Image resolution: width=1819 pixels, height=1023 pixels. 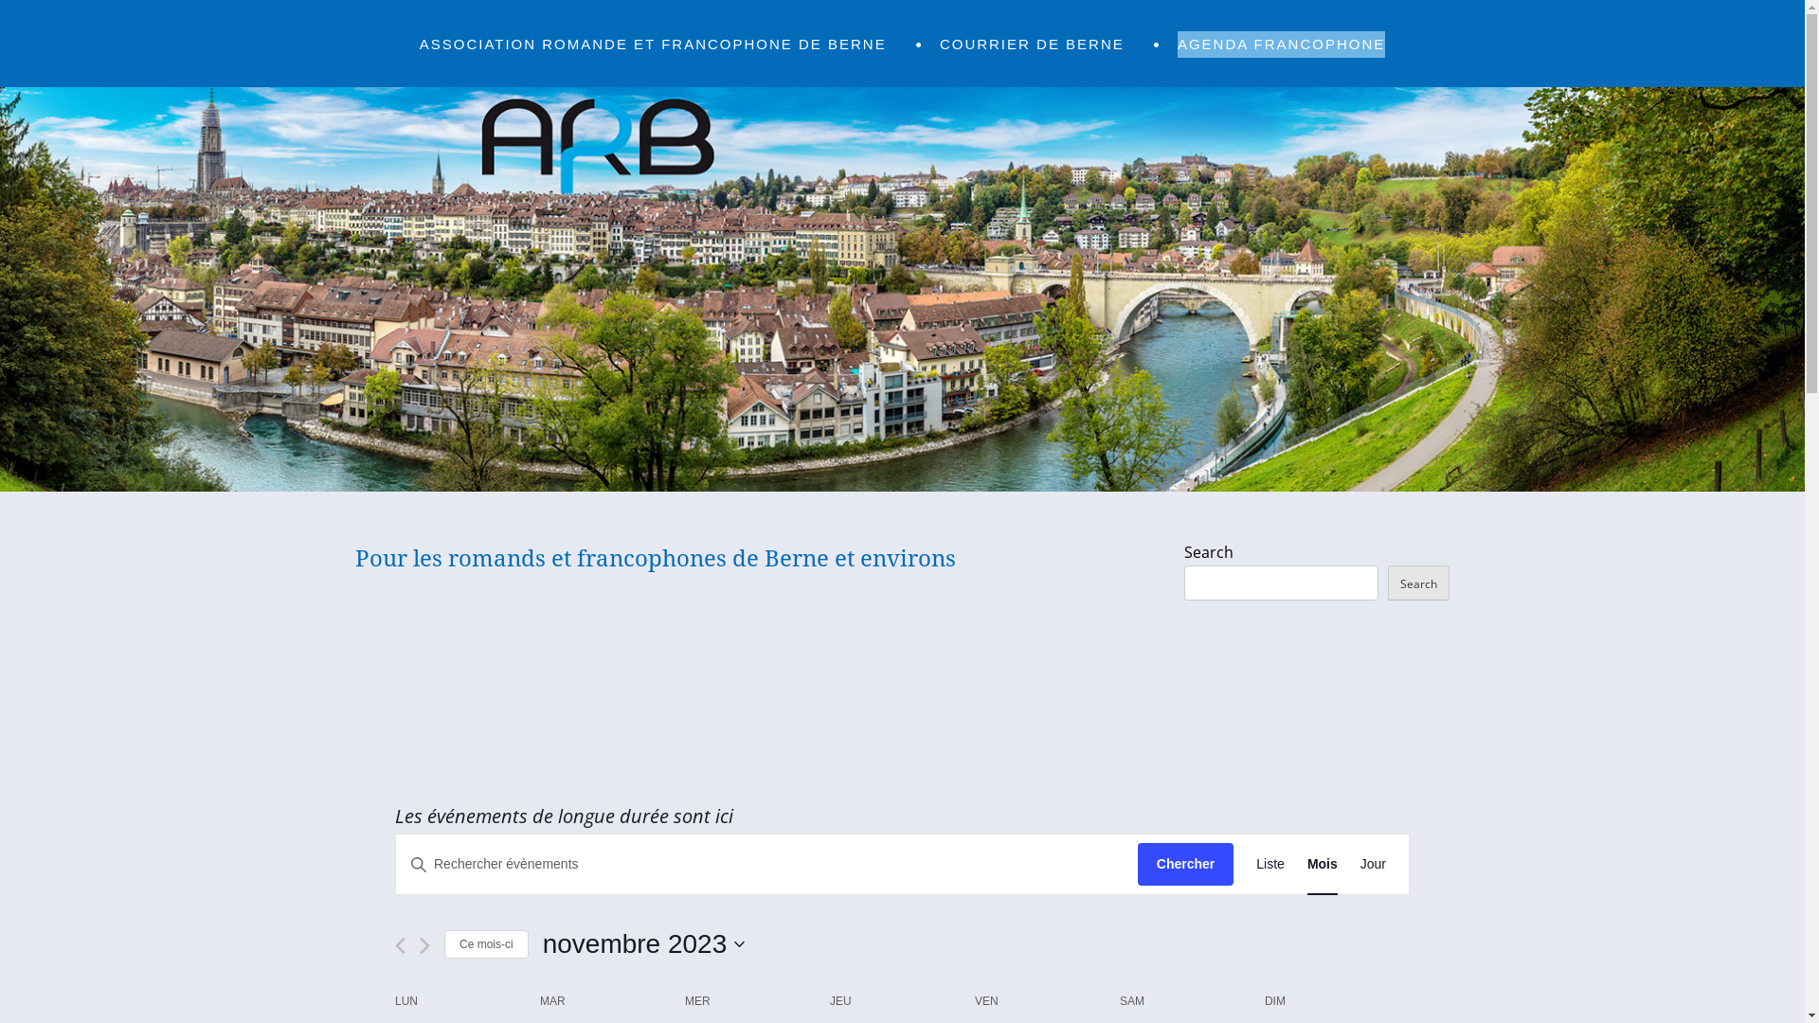 What do you see at coordinates (423, 945) in the screenshot?
I see `'Mois suivant'` at bounding box center [423, 945].